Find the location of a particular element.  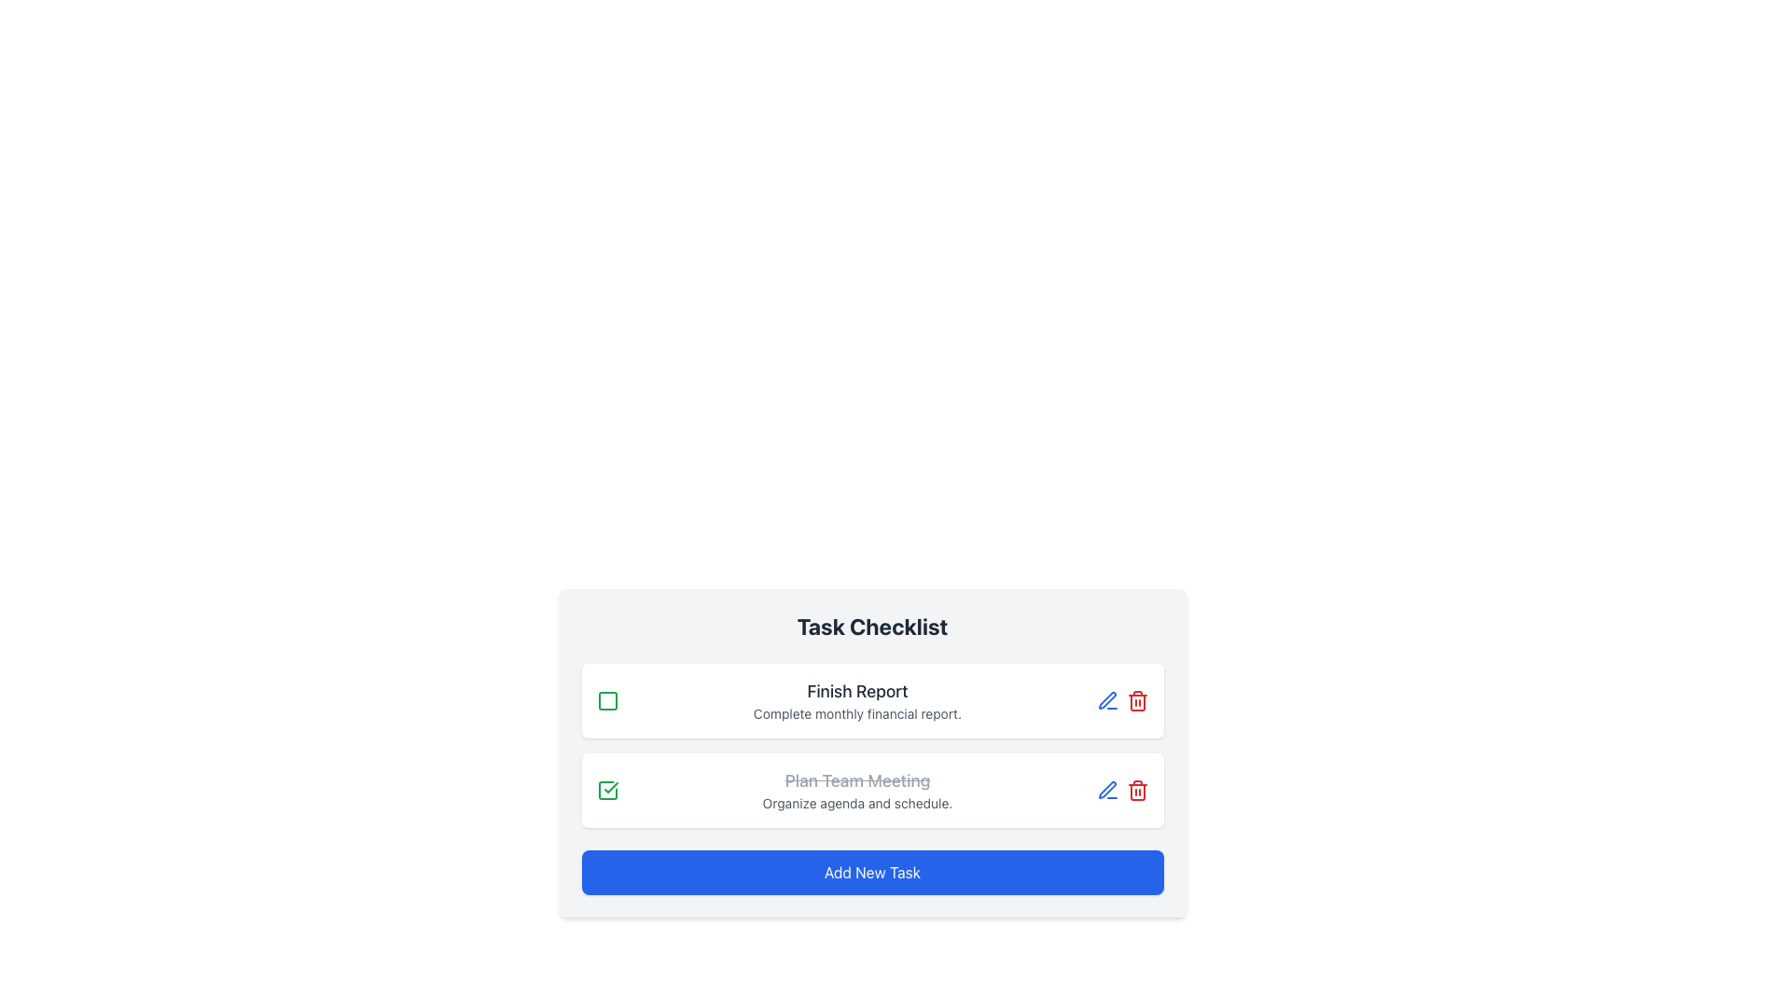

the interactive pen icon to initiate editing for the 'Plan Team Meeting' task is located at coordinates (1107, 701).